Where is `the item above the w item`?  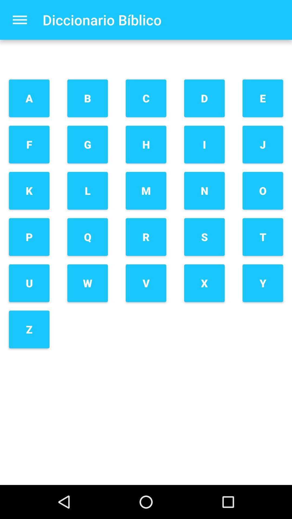 the item above the w item is located at coordinates (87, 237).